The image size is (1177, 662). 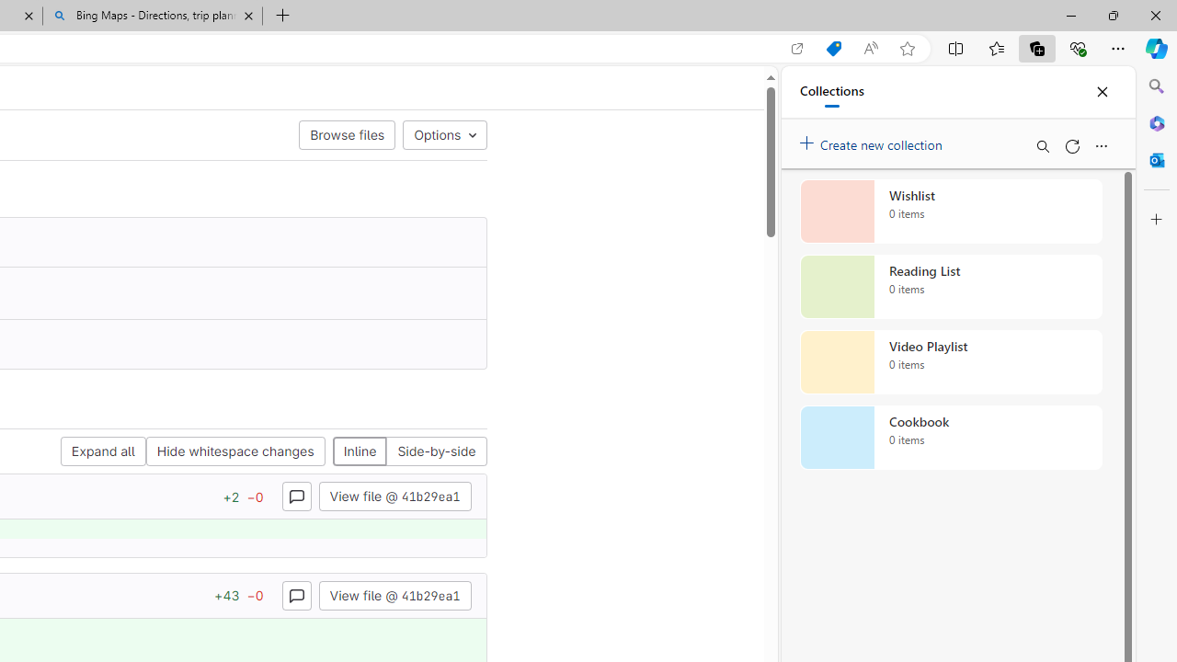 I want to click on 'Outlook', so click(x=1156, y=159).